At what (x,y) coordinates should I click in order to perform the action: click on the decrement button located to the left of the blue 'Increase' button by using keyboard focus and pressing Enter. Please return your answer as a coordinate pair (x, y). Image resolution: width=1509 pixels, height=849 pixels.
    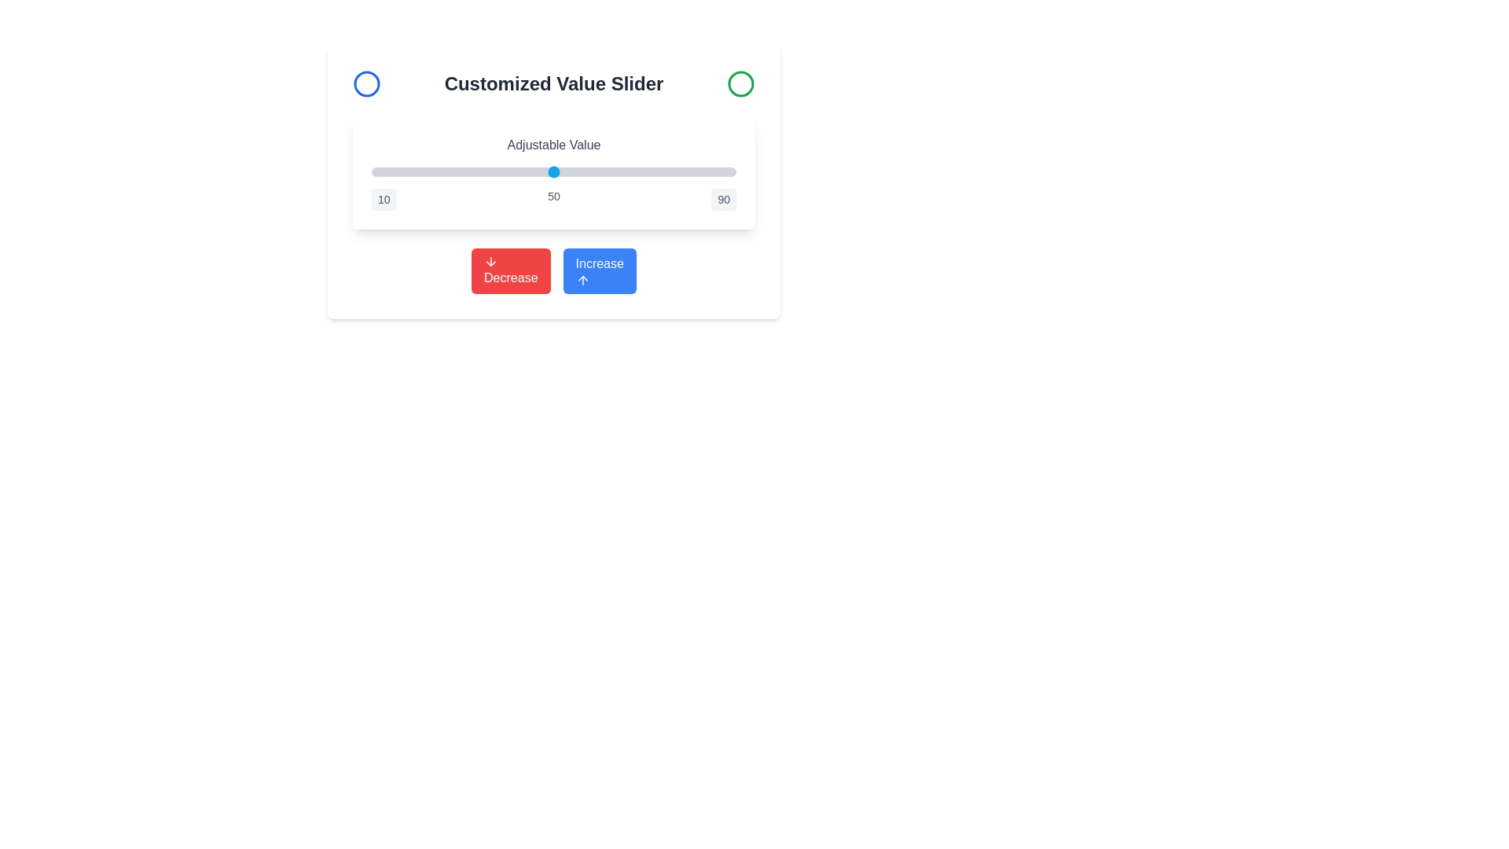
    Looking at the image, I should click on (511, 270).